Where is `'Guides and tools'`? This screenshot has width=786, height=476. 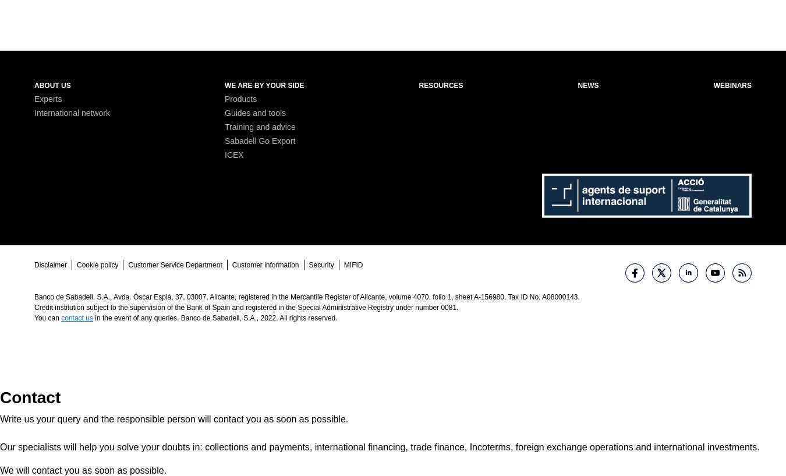 'Guides and tools' is located at coordinates (224, 111).